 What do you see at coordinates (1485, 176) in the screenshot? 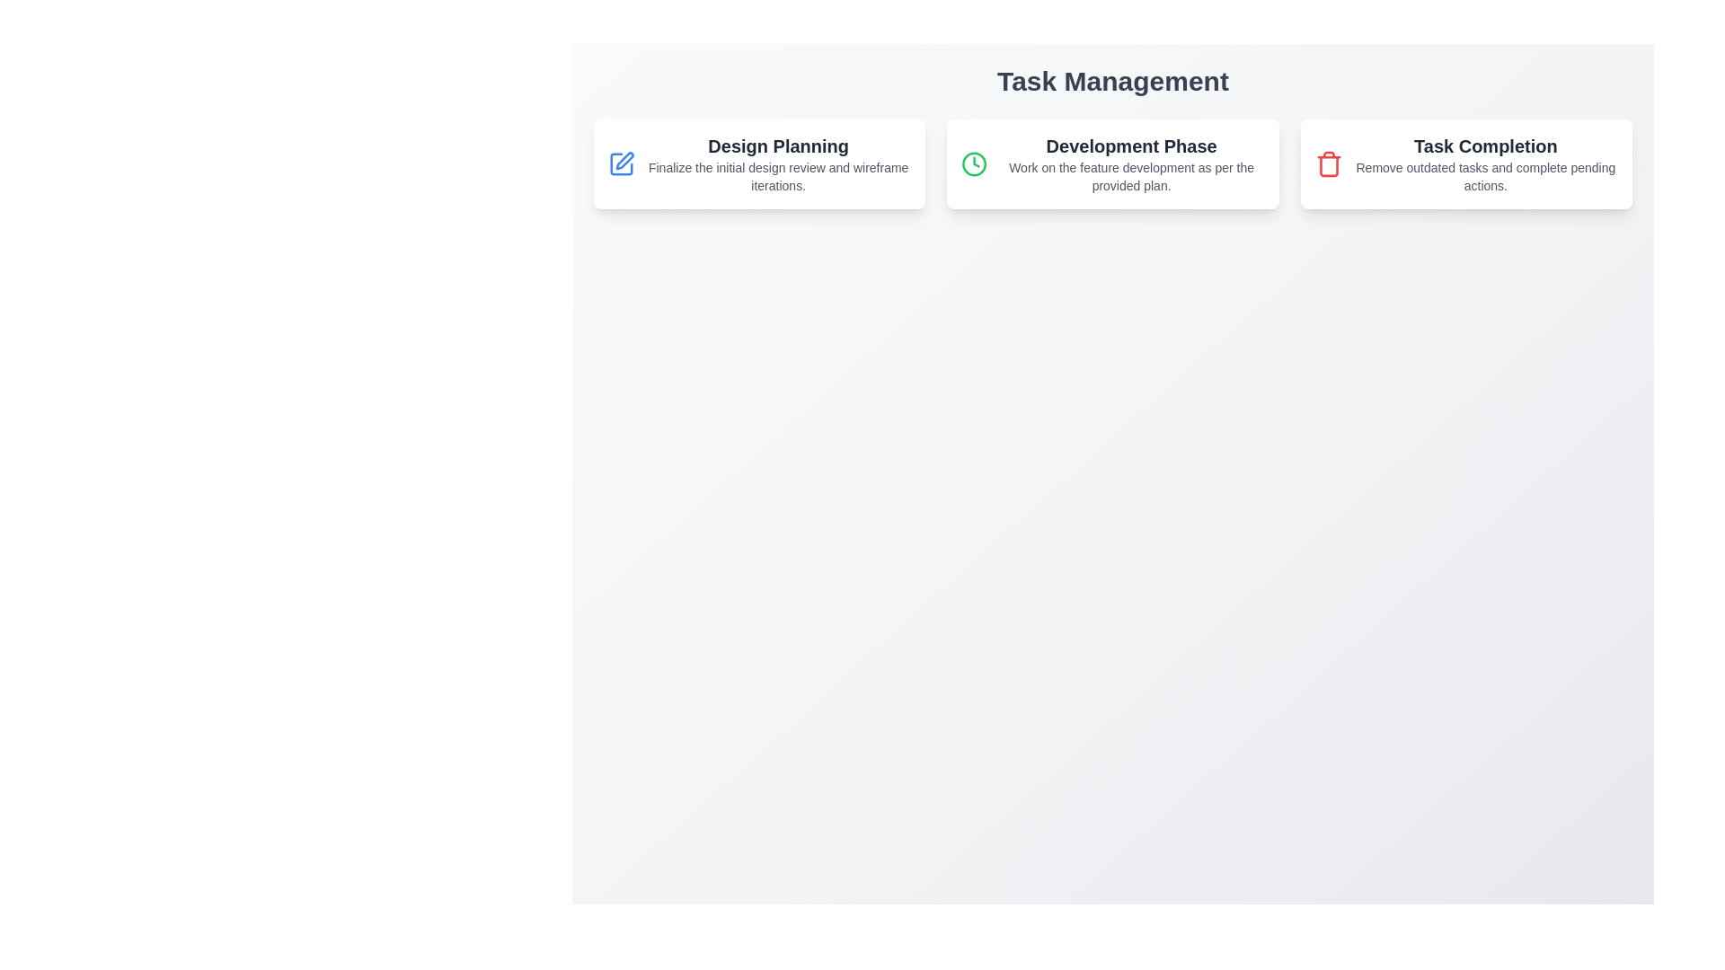
I see `the text block displaying 'Remove outdated tasks and complete pending actions.' which is located in the 'Task Completion' section, directly below its heading` at bounding box center [1485, 176].